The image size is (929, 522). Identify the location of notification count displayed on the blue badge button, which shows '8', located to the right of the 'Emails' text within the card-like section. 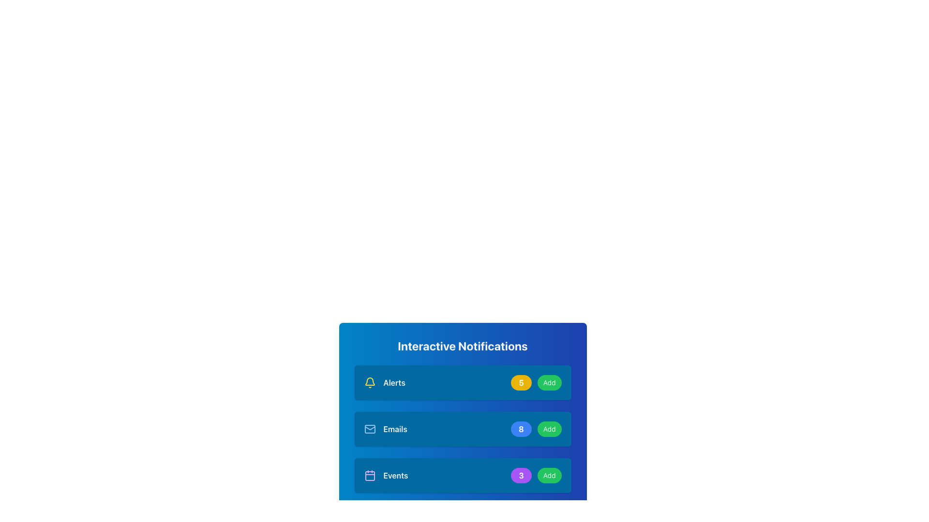
(536, 428).